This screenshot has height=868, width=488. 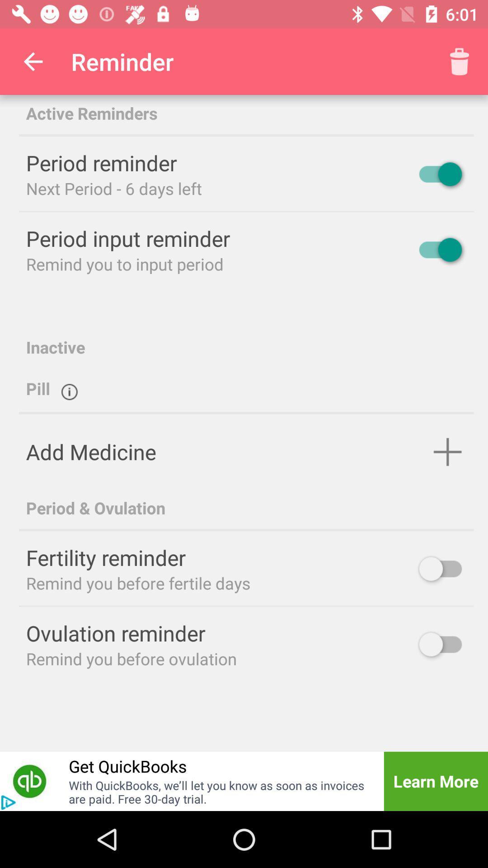 I want to click on get quickbooks, so click(x=29, y=781).